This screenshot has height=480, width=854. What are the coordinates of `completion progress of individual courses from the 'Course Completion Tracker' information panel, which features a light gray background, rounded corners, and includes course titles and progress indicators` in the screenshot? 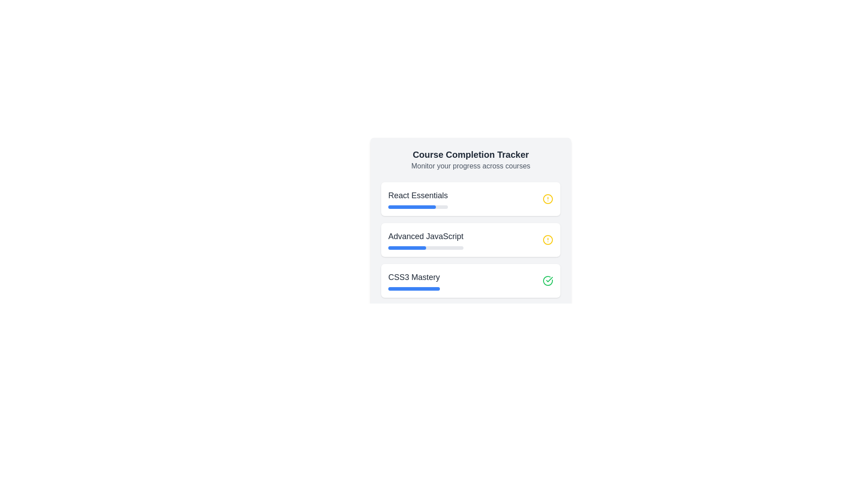 It's located at (470, 236).